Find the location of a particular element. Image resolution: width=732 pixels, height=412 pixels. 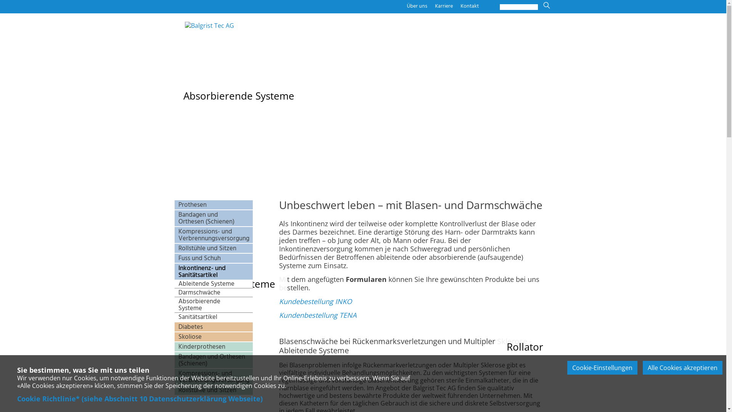

' ' is located at coordinates (356, 315).